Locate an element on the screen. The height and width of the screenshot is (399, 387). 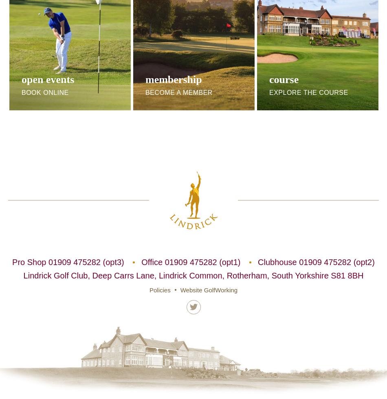
'Pro Shop 01909 475282 (opt3)' is located at coordinates (12, 261).